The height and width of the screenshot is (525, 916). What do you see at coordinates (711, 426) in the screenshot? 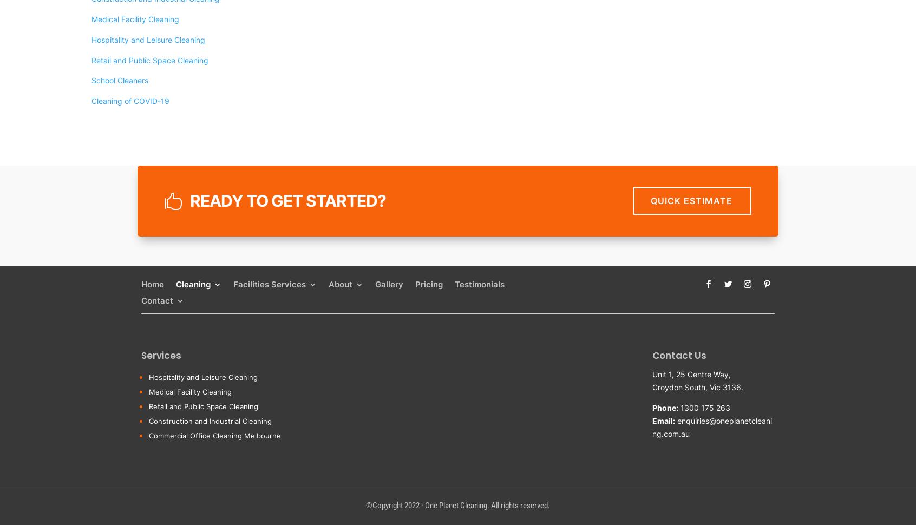
I see `'enquiries@oneplanetcleaning.com.au'` at bounding box center [711, 426].